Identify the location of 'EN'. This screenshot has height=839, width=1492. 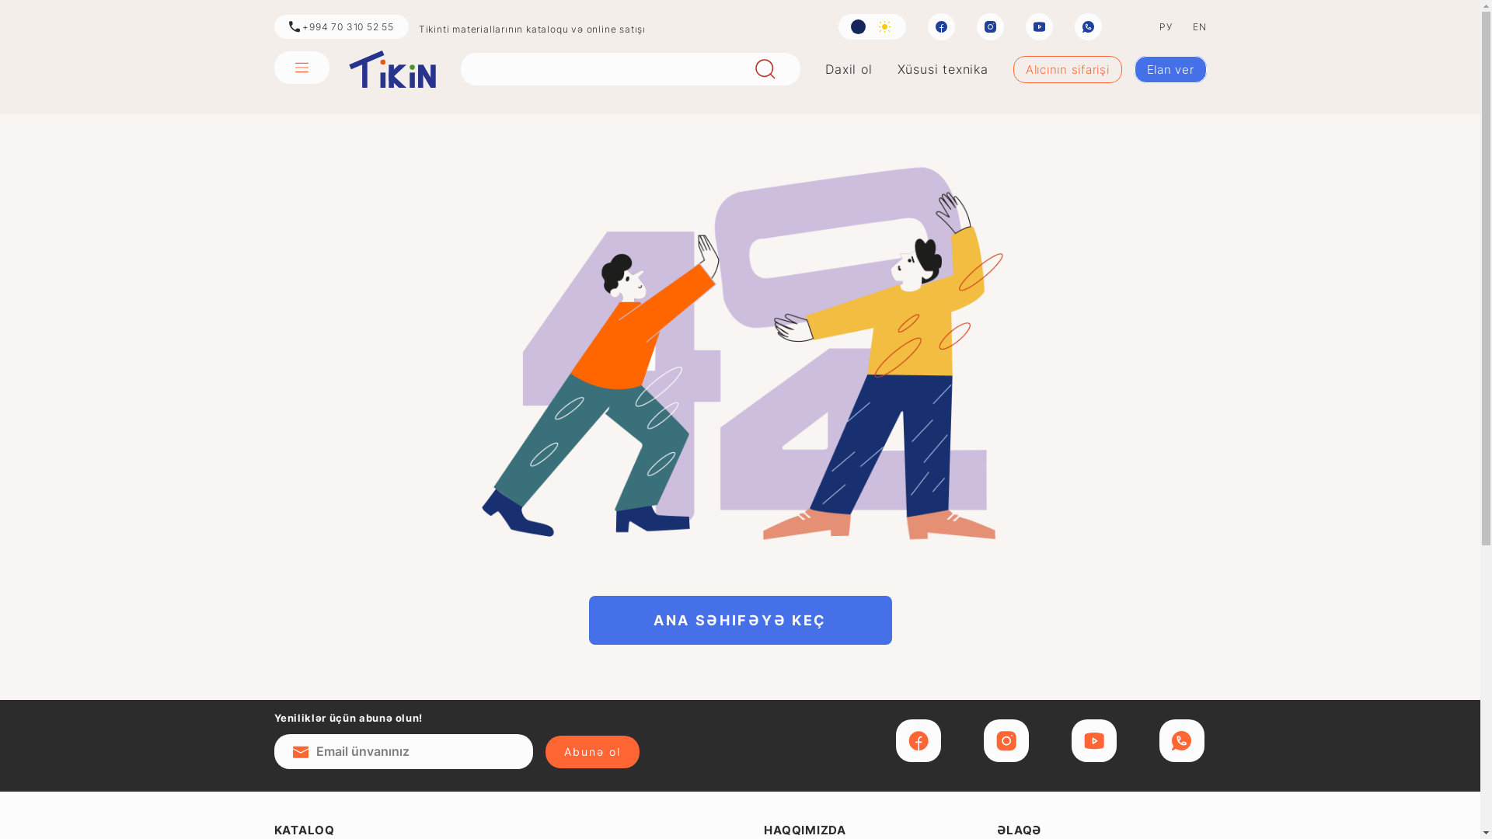
(1199, 26).